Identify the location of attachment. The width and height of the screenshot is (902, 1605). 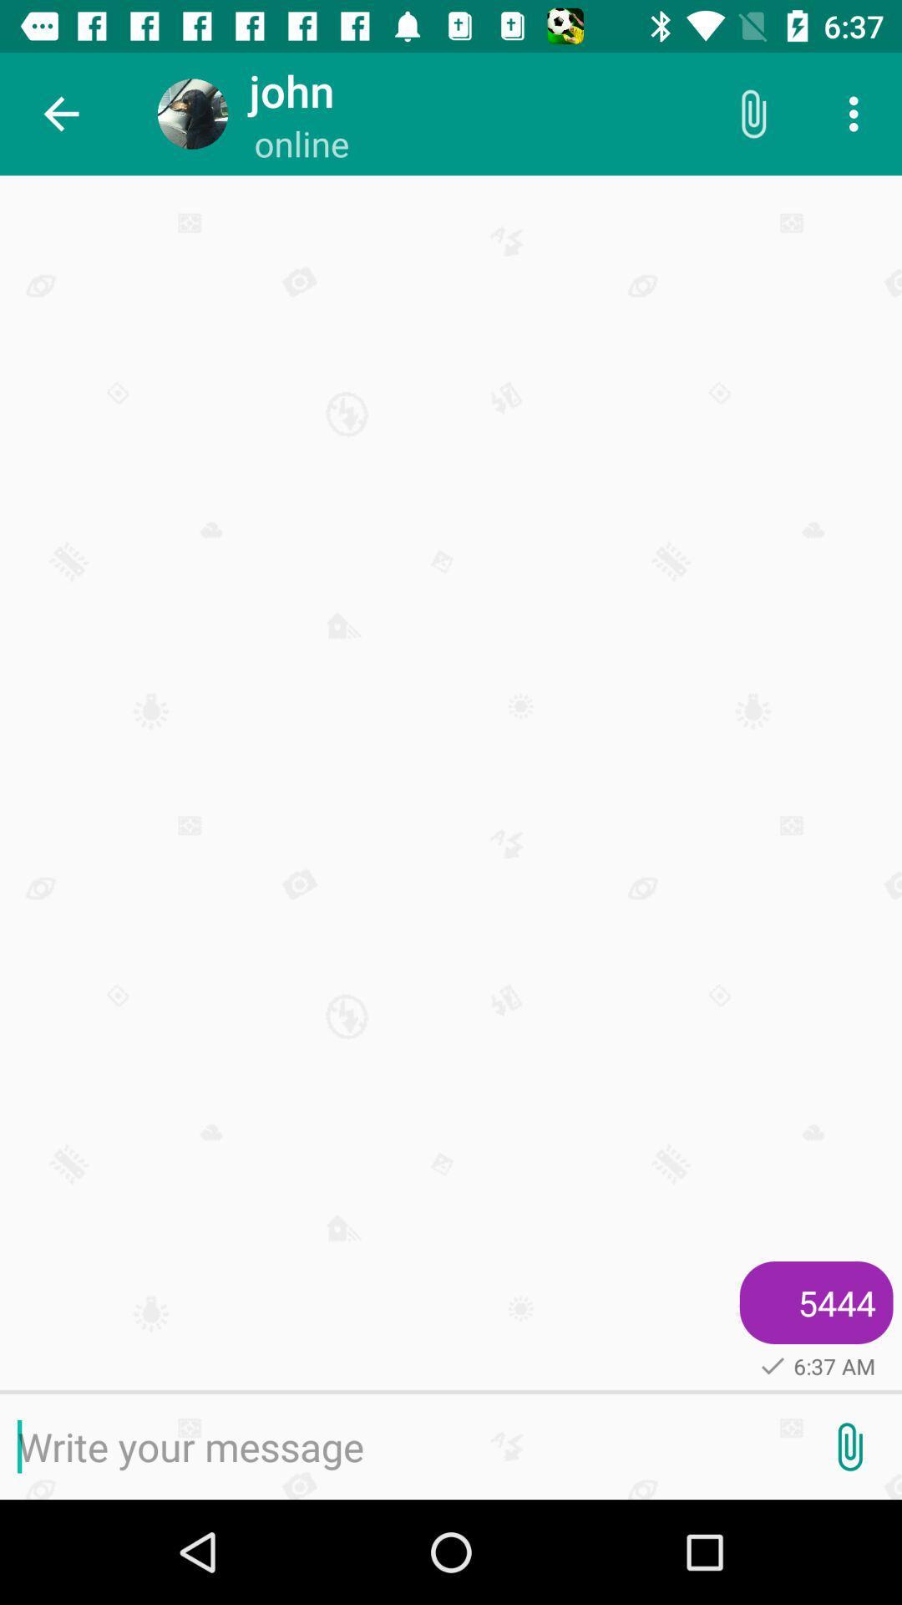
(849, 1446).